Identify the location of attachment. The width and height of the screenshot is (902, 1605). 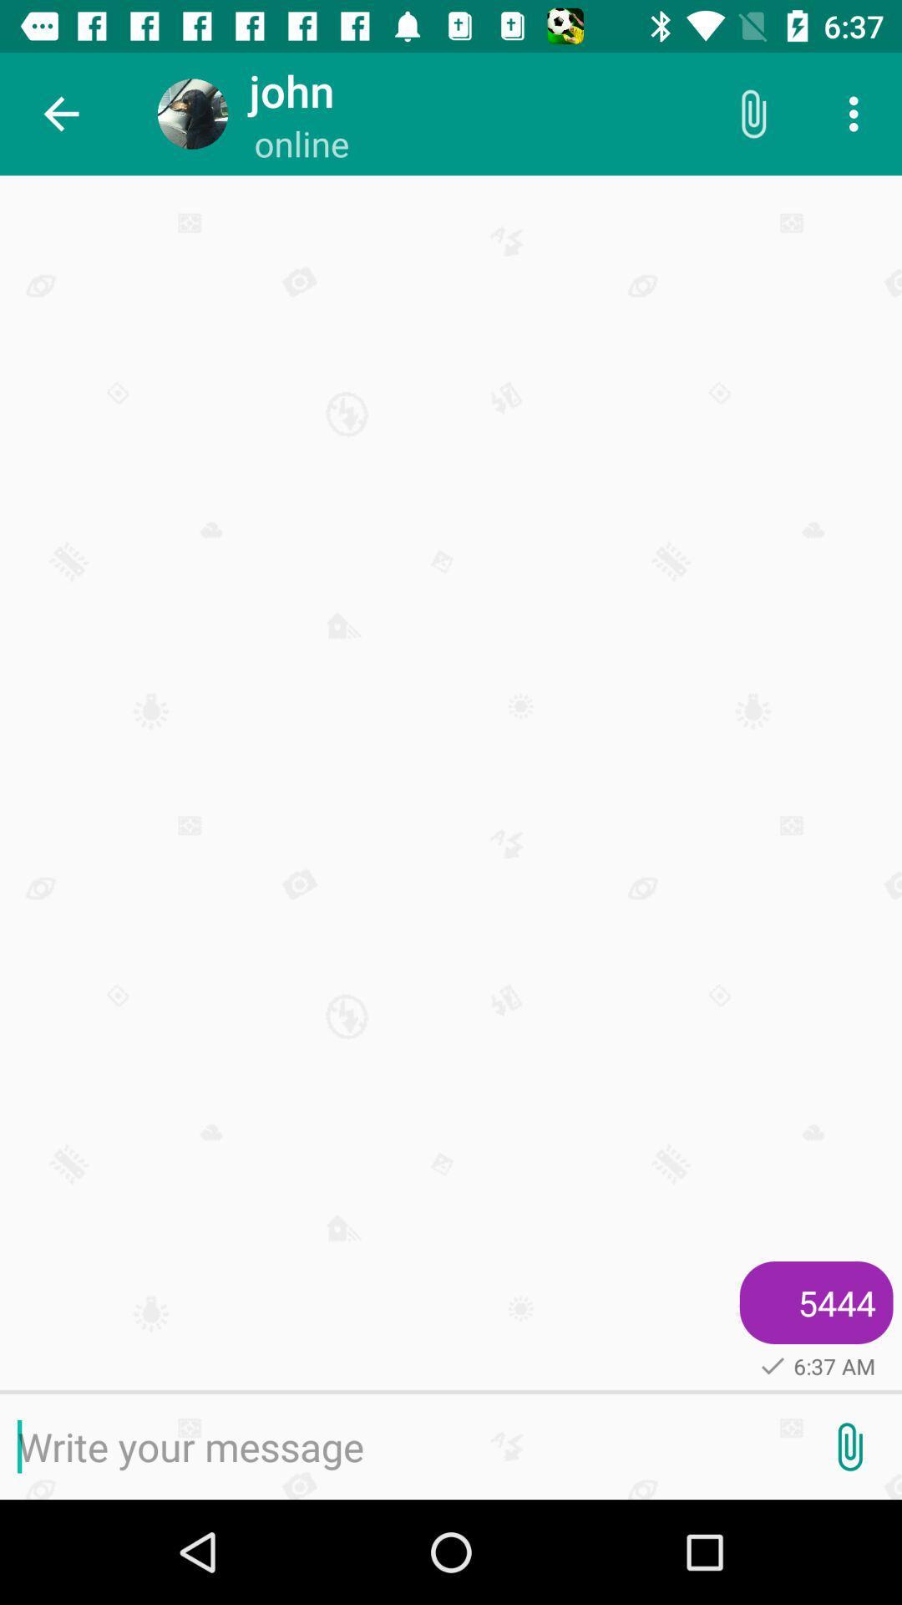
(849, 1446).